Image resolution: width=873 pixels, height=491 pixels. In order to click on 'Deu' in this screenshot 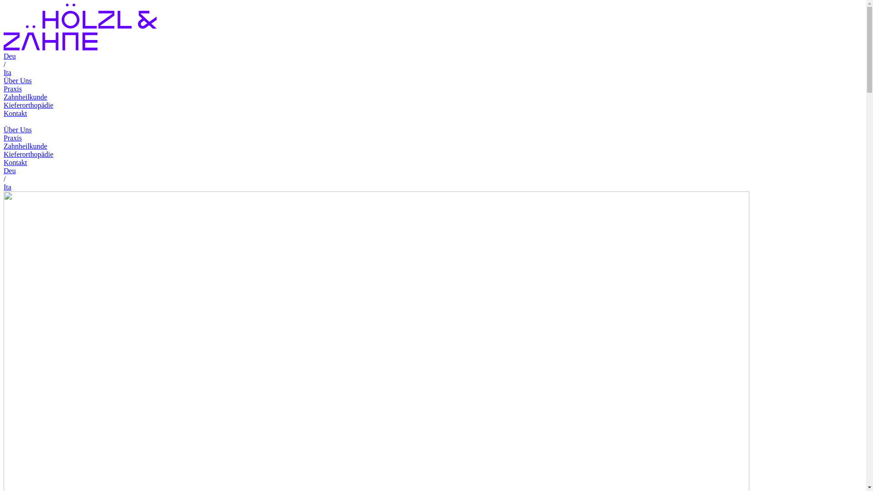, I will do `click(10, 56)`.